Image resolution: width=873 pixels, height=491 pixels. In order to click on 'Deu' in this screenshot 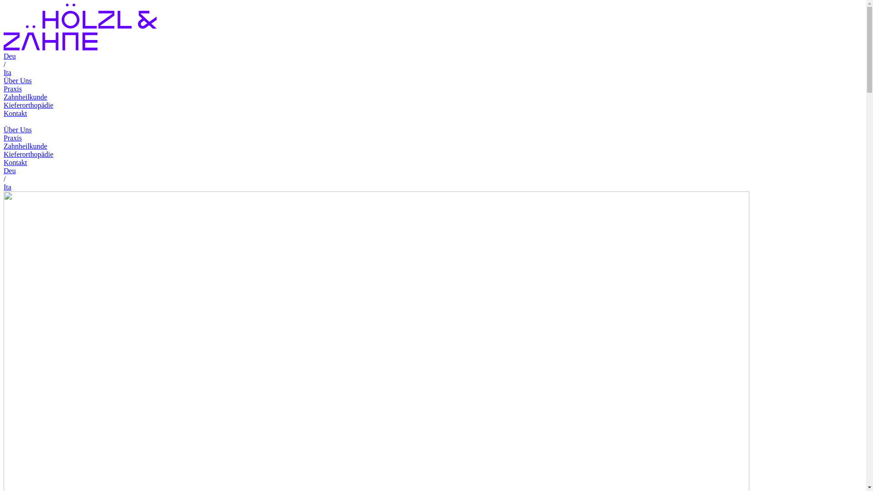, I will do `click(10, 56)`.